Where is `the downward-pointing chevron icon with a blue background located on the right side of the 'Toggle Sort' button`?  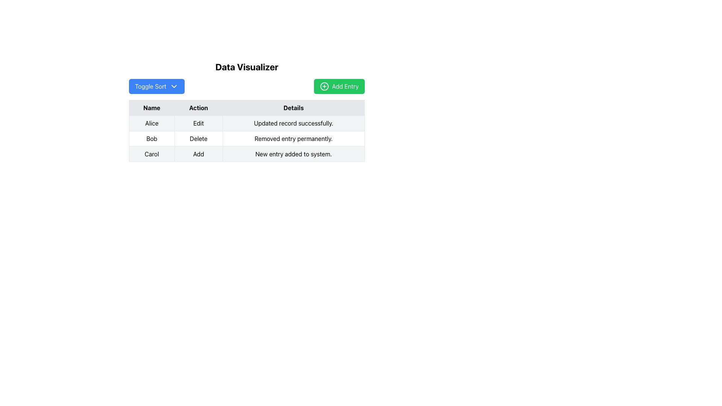
the downward-pointing chevron icon with a blue background located on the right side of the 'Toggle Sort' button is located at coordinates (173, 86).